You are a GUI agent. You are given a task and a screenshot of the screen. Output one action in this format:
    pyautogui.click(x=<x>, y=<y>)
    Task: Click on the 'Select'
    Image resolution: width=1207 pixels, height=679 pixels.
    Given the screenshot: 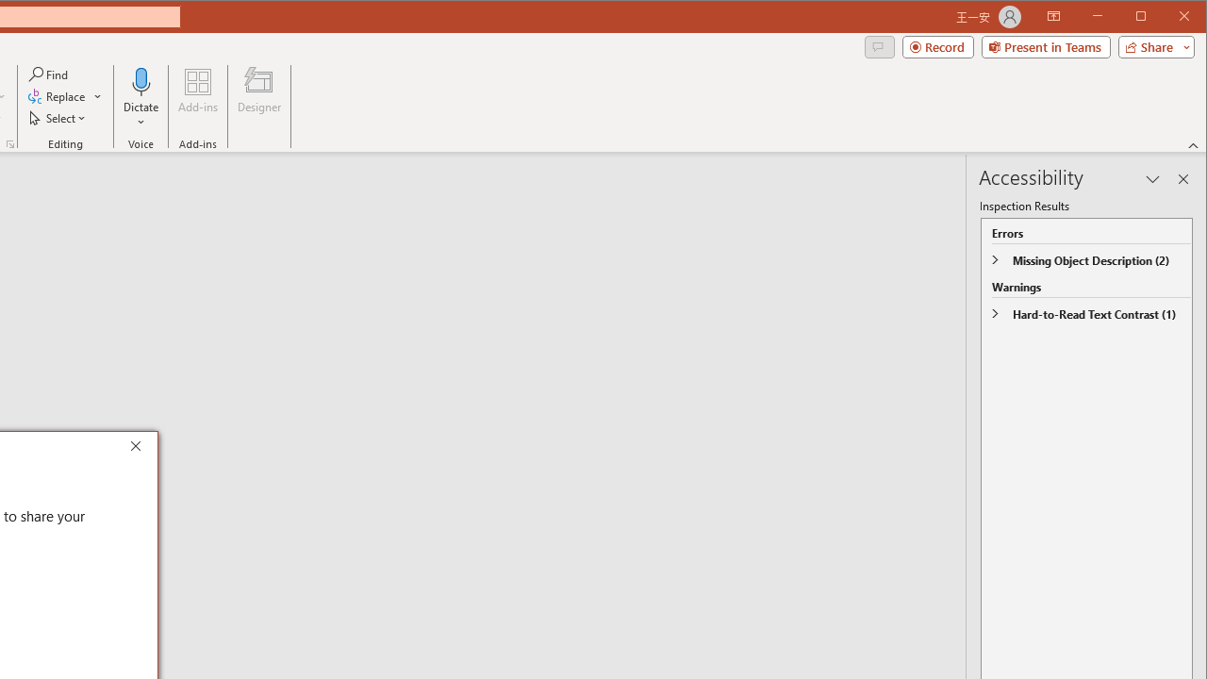 What is the action you would take?
    pyautogui.click(x=58, y=118)
    